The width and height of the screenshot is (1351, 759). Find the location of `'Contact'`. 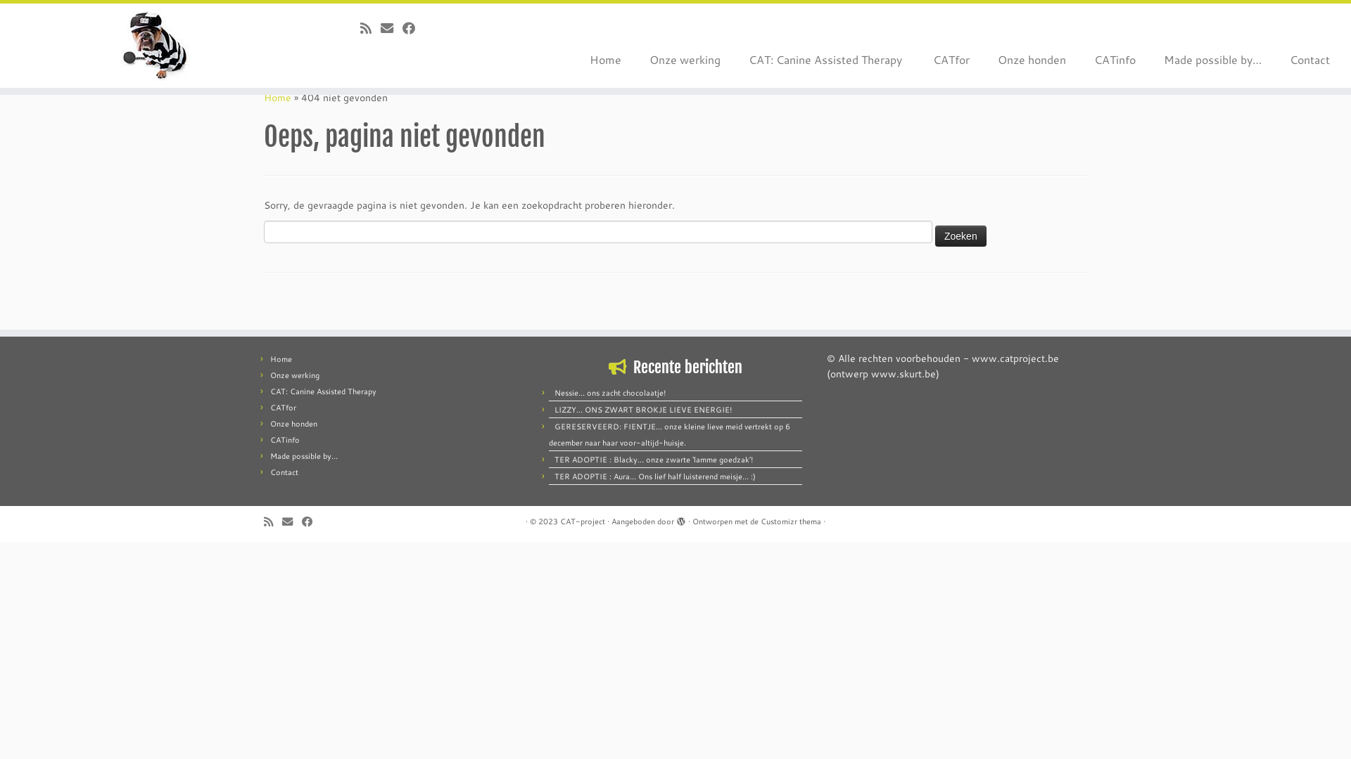

'Contact' is located at coordinates (1276, 58).